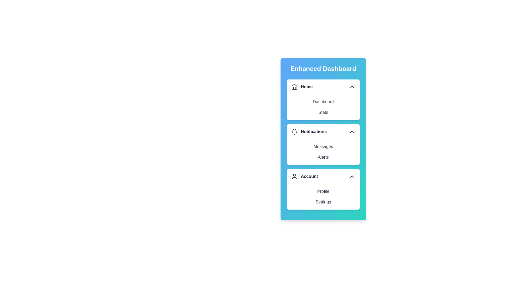  I want to click on the text element 'Enhanced Dashboard', so click(323, 69).